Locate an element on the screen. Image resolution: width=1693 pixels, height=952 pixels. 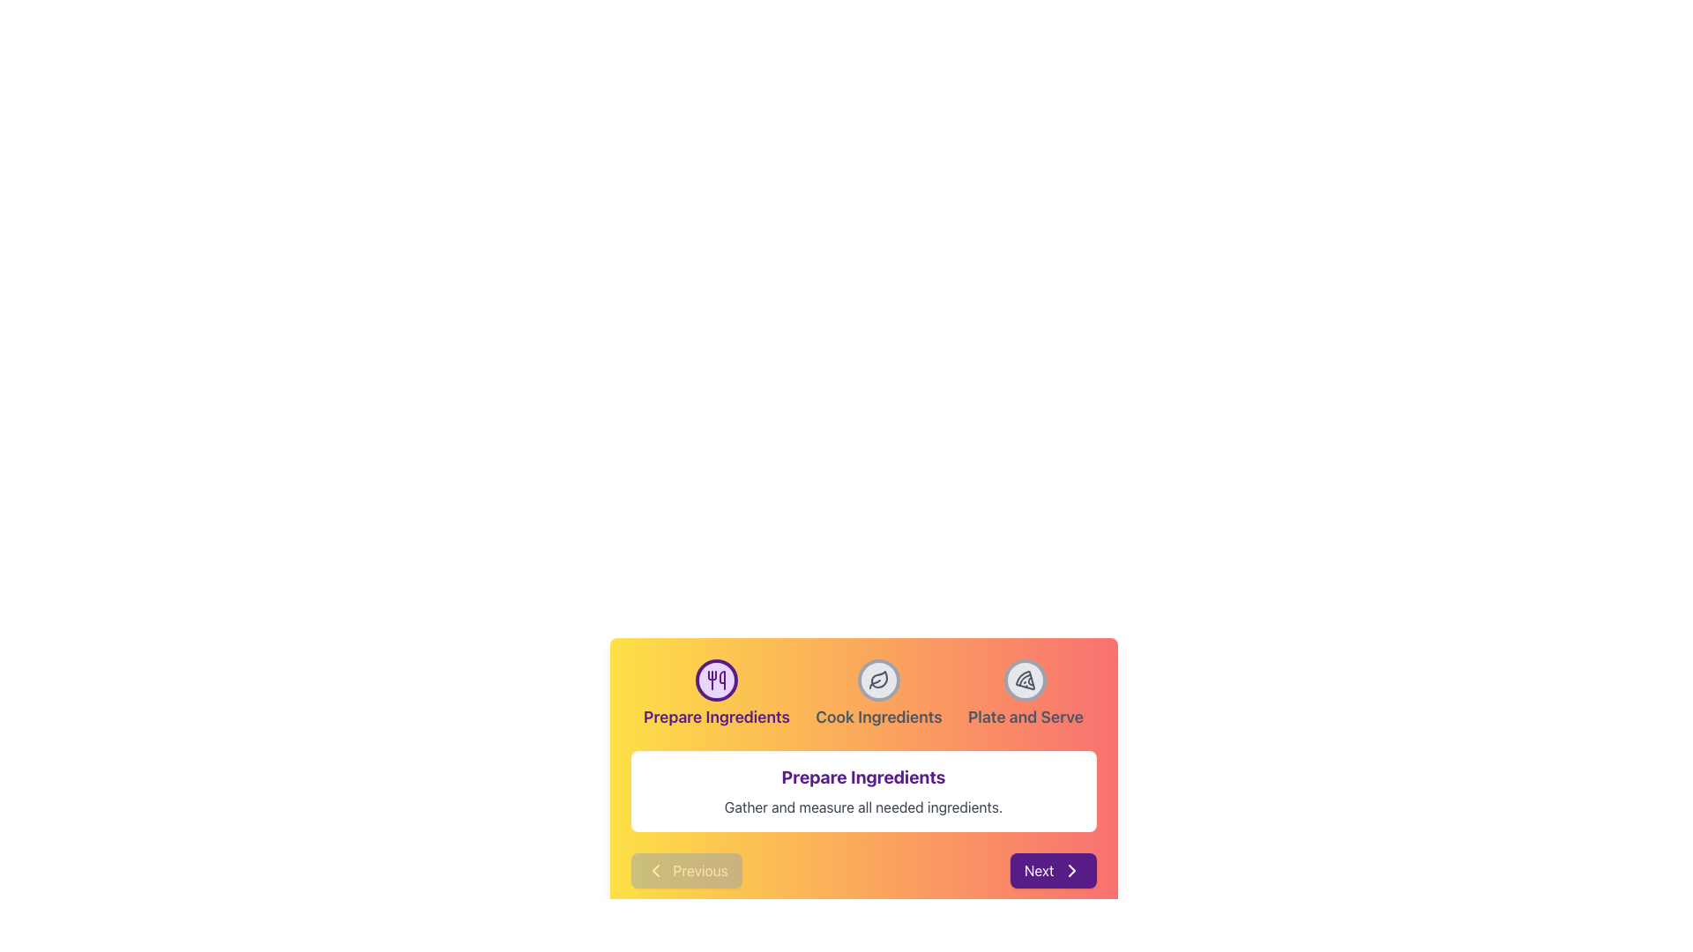
the heading label indicating the current step, which is located within a white rectangle in the center of a panel with a gradient background, directly below the 'Prepare Ingredients' icon is located at coordinates (863, 777).